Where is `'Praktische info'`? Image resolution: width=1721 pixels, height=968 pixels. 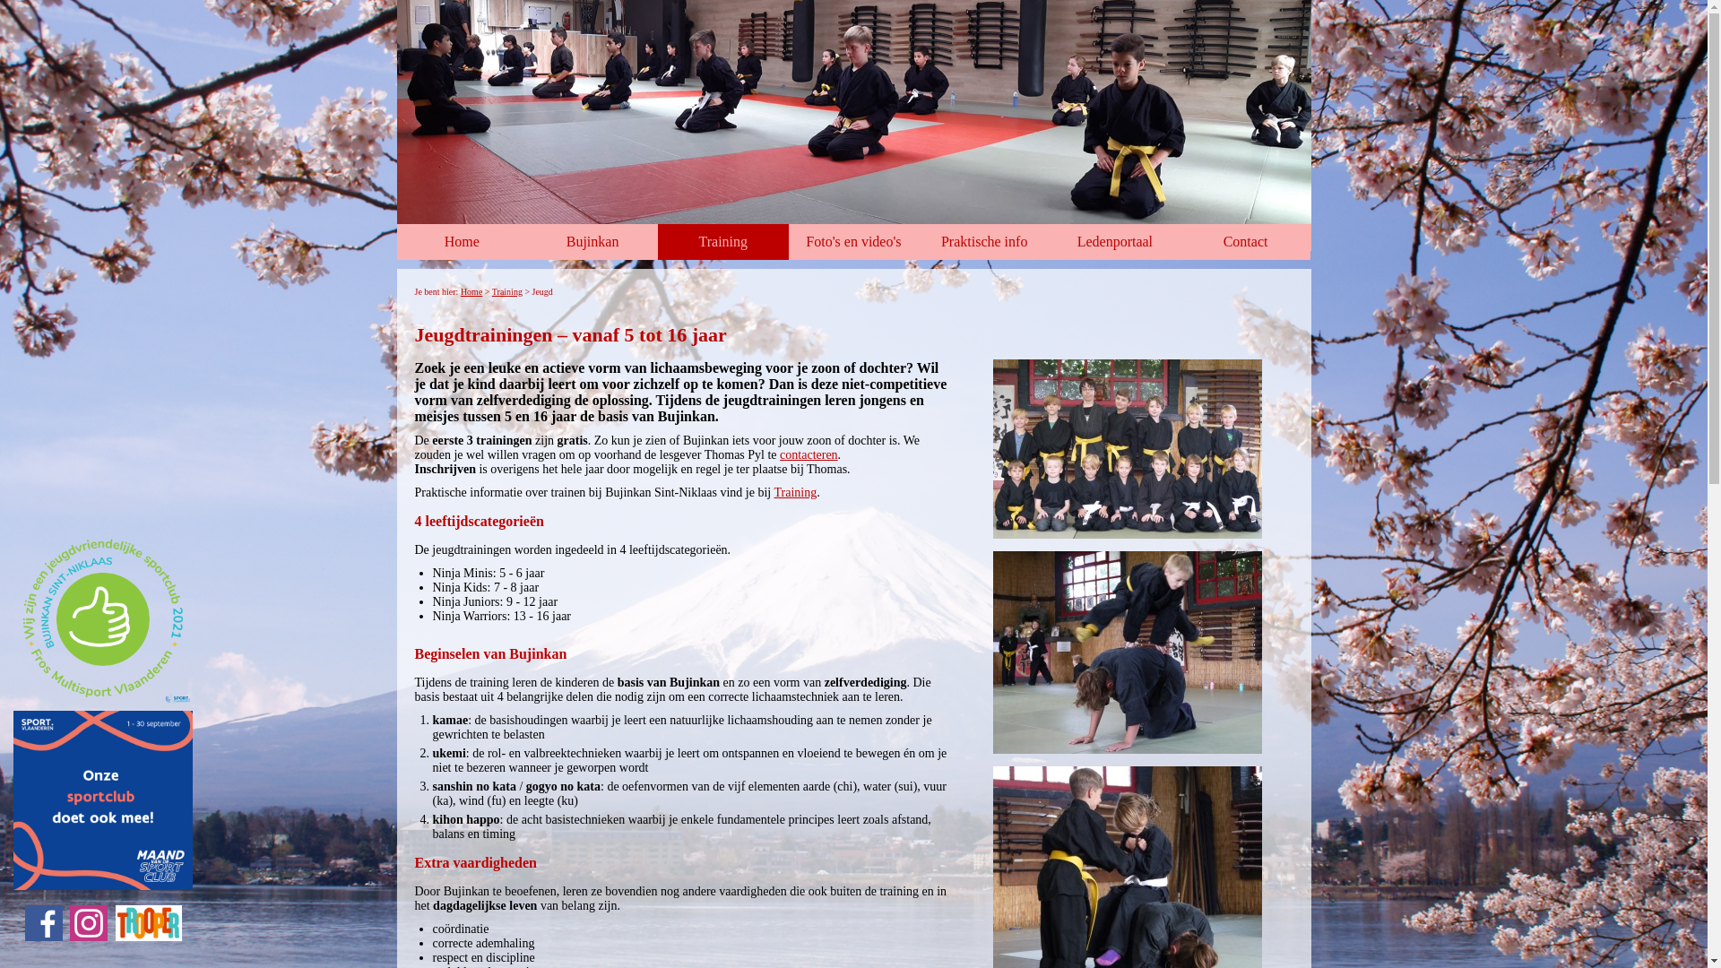 'Praktische info' is located at coordinates (983, 242).